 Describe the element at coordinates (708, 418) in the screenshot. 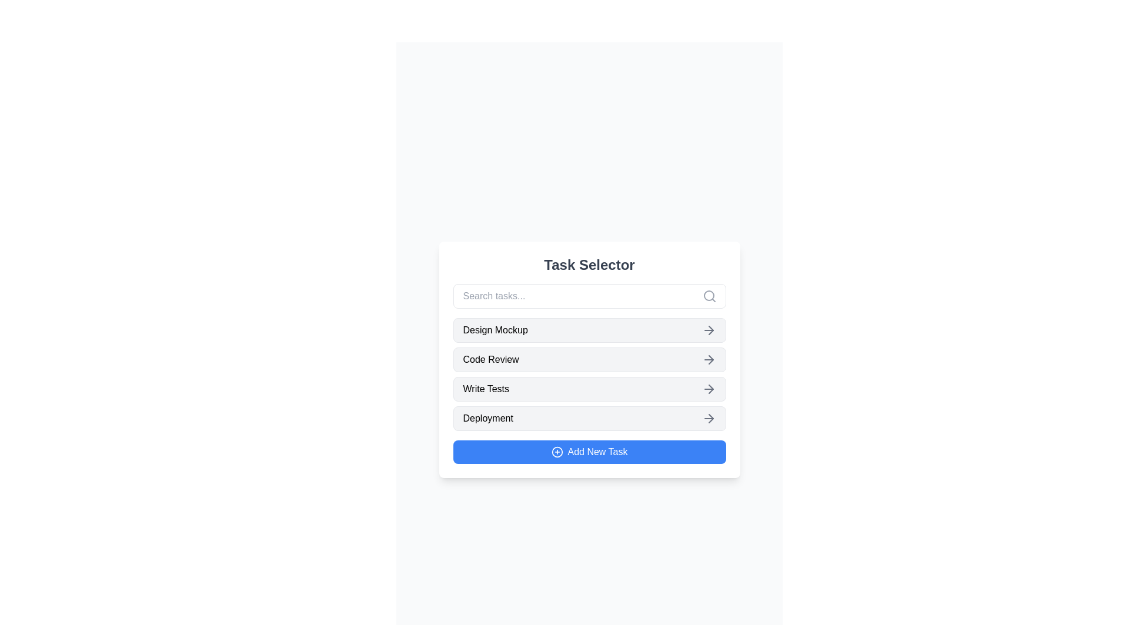

I see `the right-facing arrow icon in the 'Deployment' row` at that location.